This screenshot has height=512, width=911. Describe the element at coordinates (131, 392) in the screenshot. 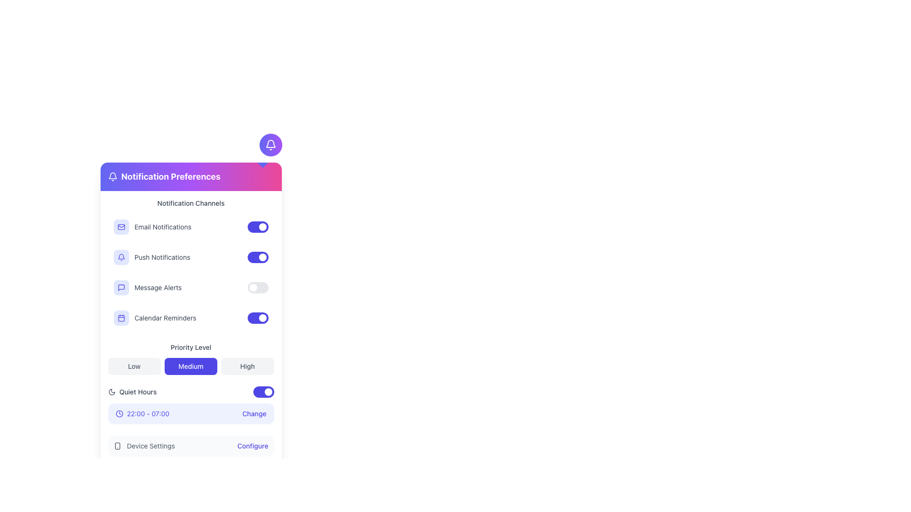

I see `the 'Quiet Hours' label with a moon icon, which is located in the notification settings section, positioned between the 'Priority Level' buttons and an interactive time range control` at that location.